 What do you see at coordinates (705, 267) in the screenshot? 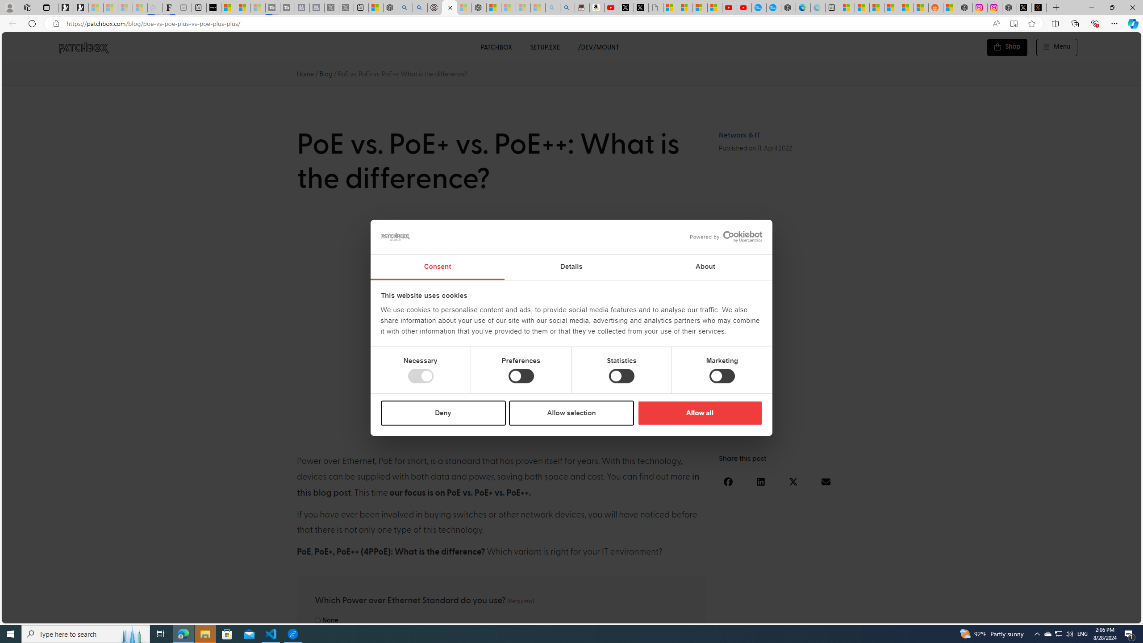
I see `'About'` at bounding box center [705, 267].